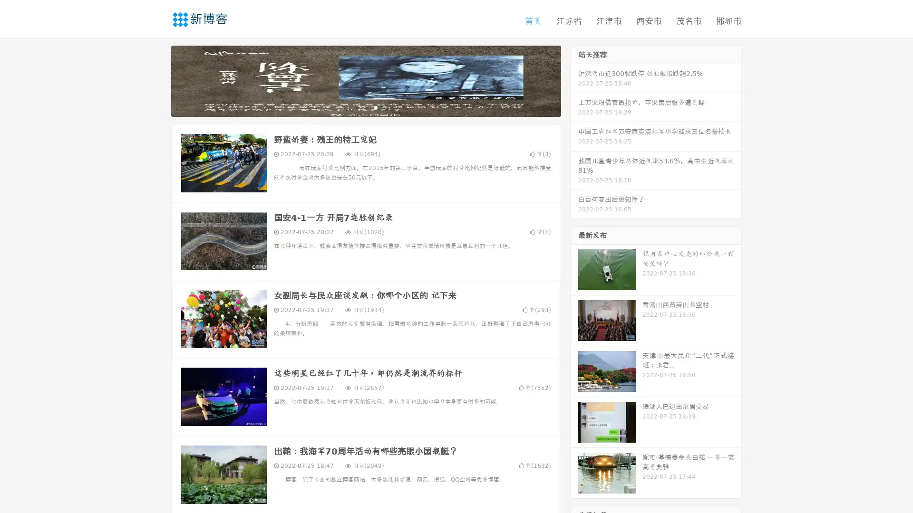  I want to click on Next slide, so click(574, 80).